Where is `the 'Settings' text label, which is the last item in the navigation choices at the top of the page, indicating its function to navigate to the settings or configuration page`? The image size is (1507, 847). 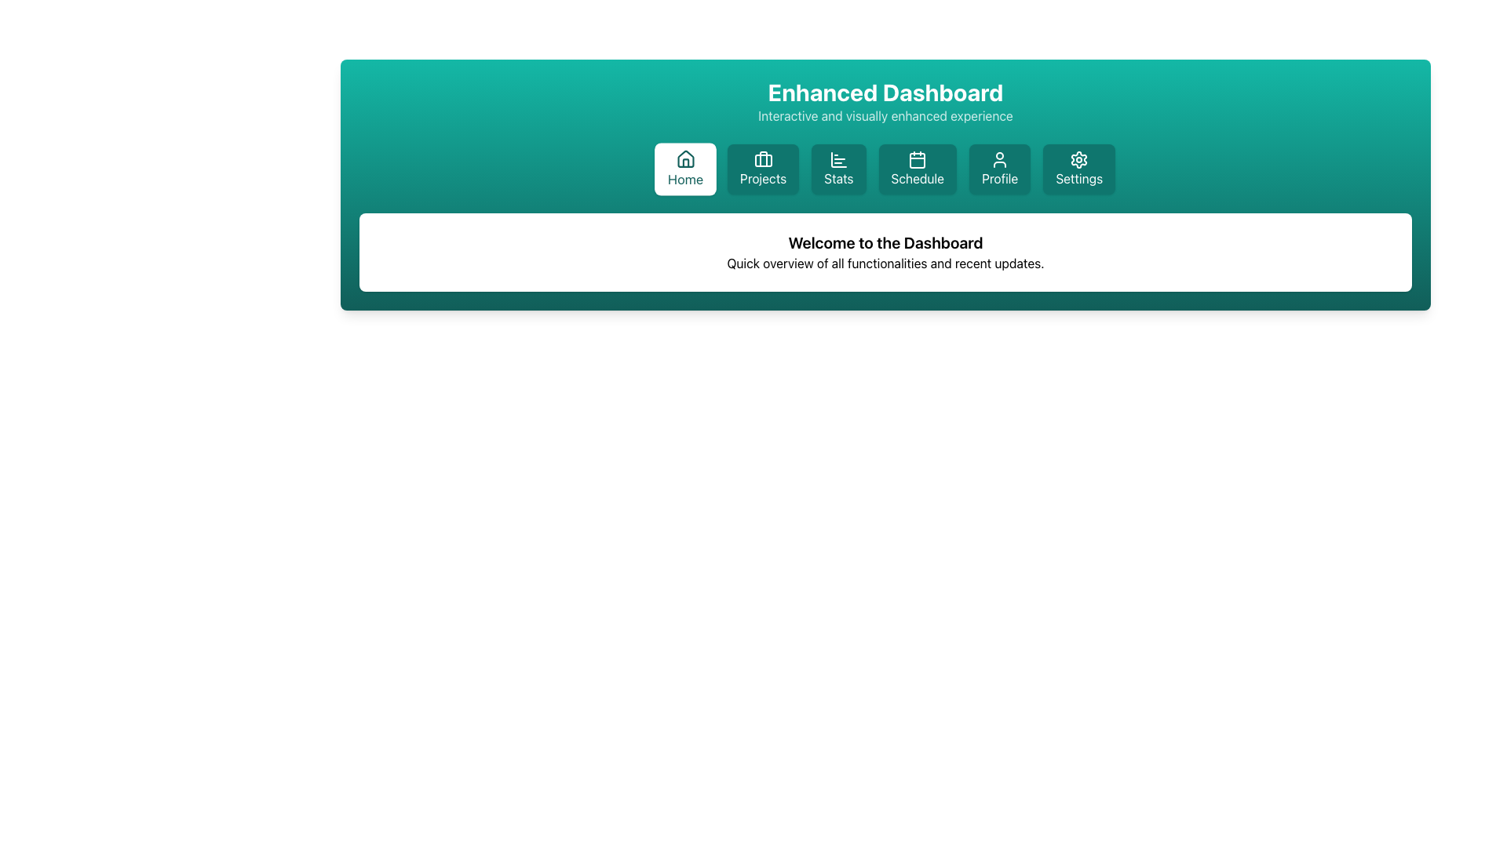
the 'Settings' text label, which is the last item in the navigation choices at the top of the page, indicating its function to navigate to the settings or configuration page is located at coordinates (1078, 177).